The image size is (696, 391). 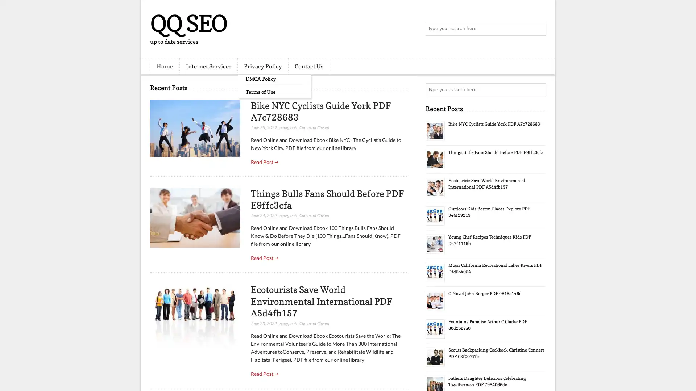 I want to click on Search, so click(x=538, y=29).